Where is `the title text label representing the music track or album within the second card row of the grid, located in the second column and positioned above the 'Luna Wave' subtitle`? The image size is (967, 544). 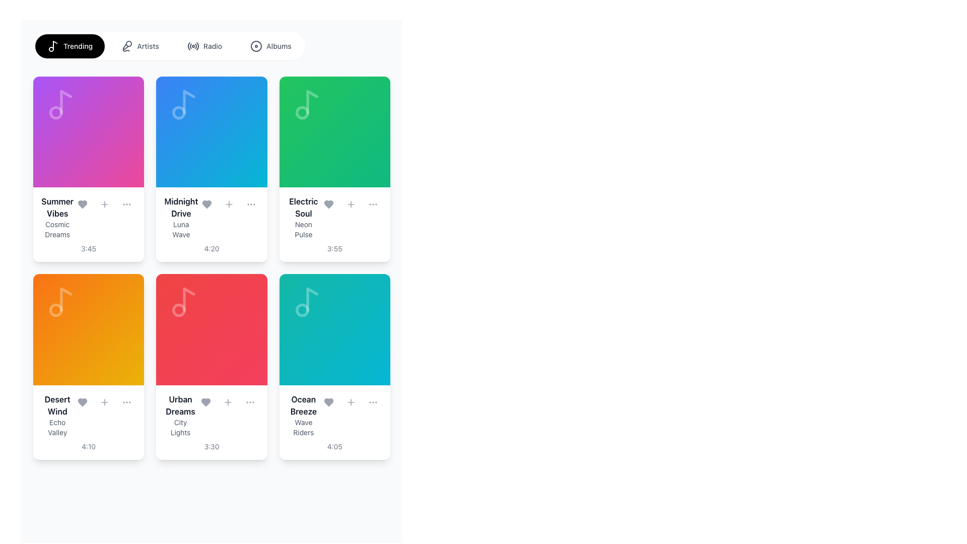
the title text label representing the music track or album within the second card row of the grid, located in the second column and positioned above the 'Luna Wave' subtitle is located at coordinates (181, 207).